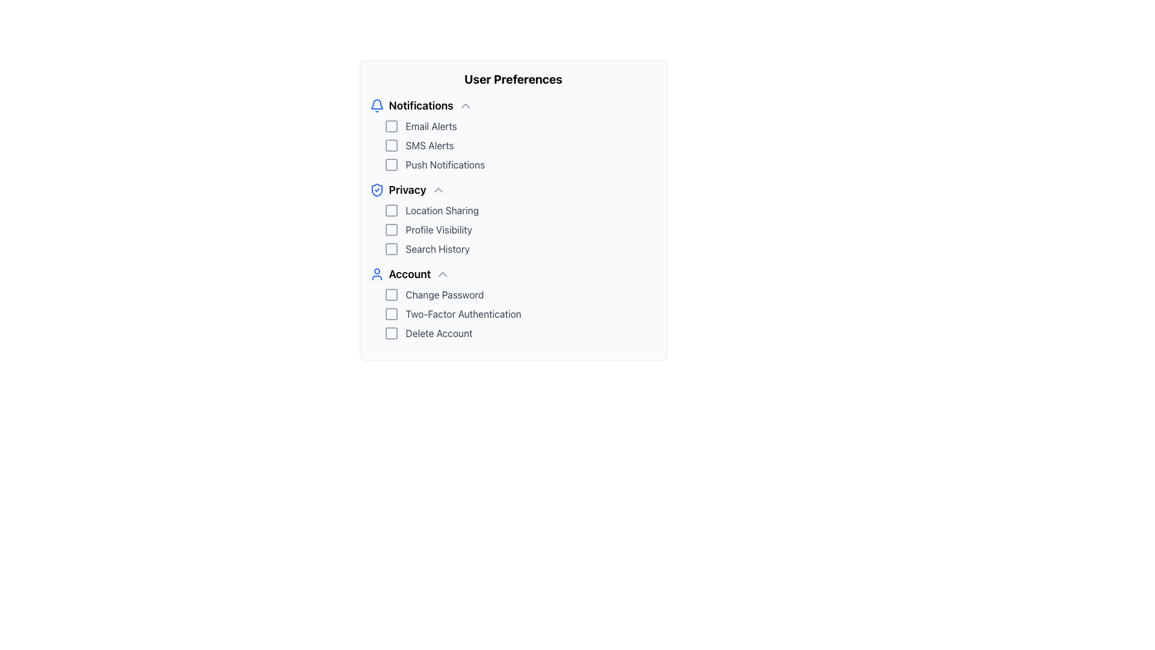  Describe the element at coordinates (520, 126) in the screenshot. I see `the checkbox of the first item under the 'Notifications' section` at that location.